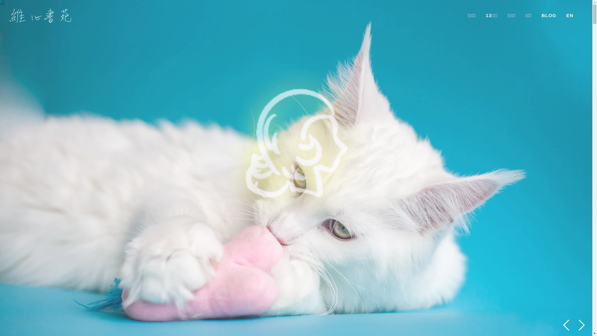 The height and width of the screenshot is (336, 597). Describe the element at coordinates (570, 15) in the screenshot. I see `'EN'` at that location.